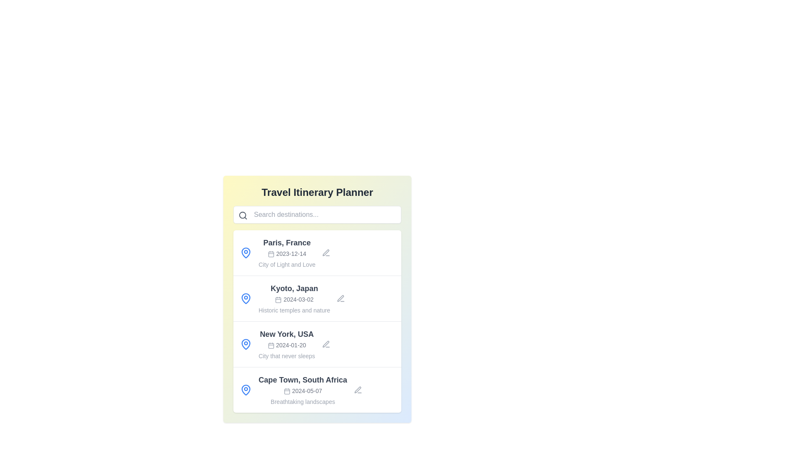  I want to click on the edit icon (pen) adjacent to the label 'Paris, France', so click(326, 252).